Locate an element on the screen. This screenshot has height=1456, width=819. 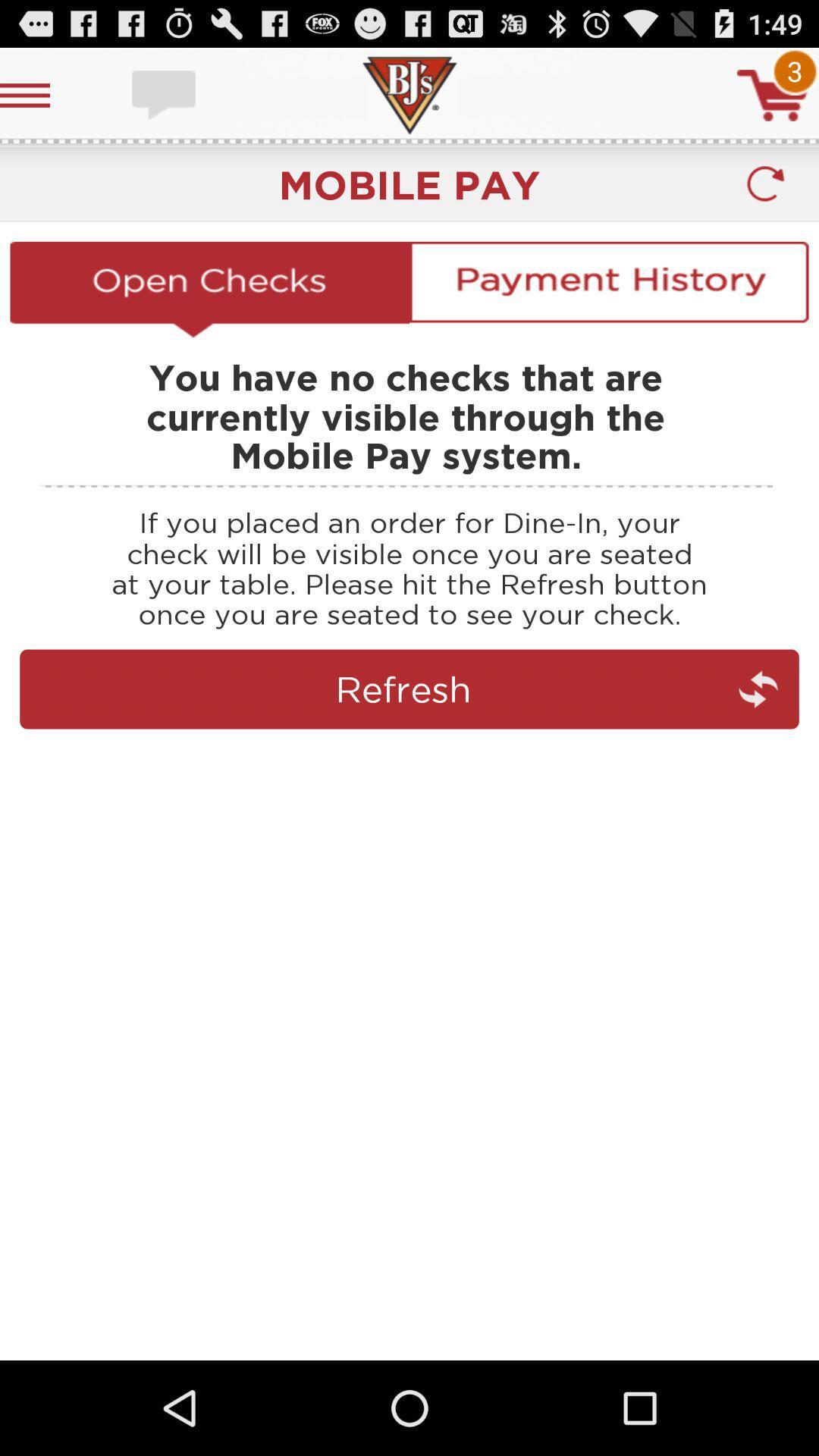
open checks option is located at coordinates (209, 289).